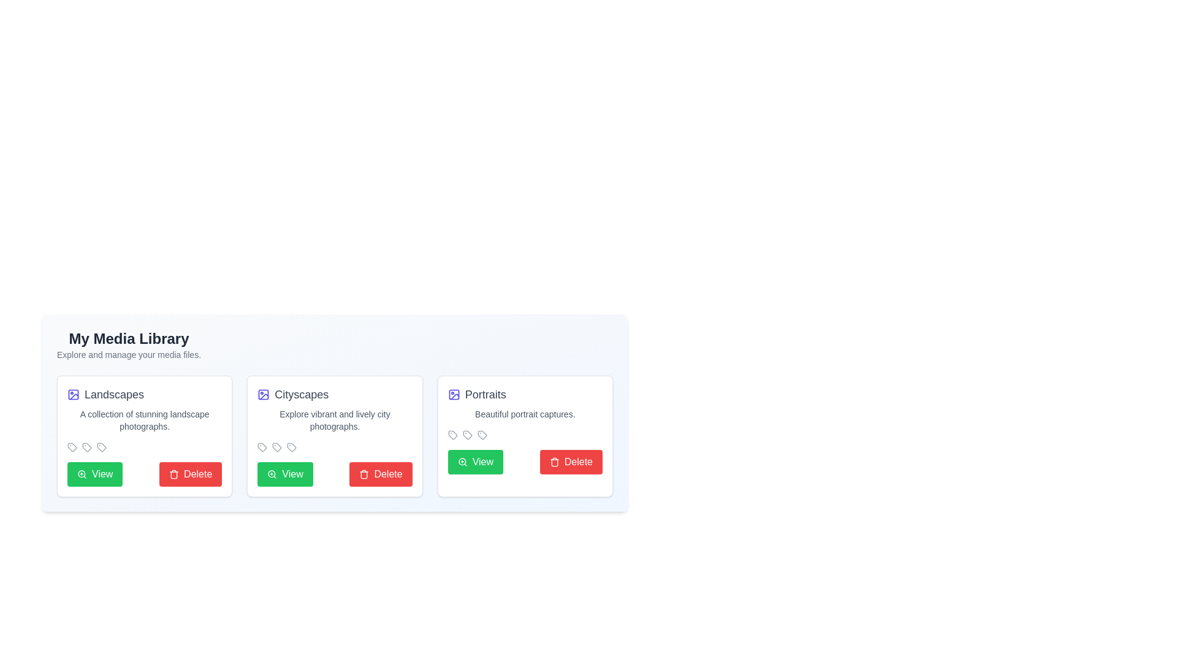 This screenshot has width=1177, height=662. I want to click on accessibility text label providing a brief description of the 'Landscapes' category, located within the first card of the media categories grid, below the title 'Landscapes', so click(145, 420).